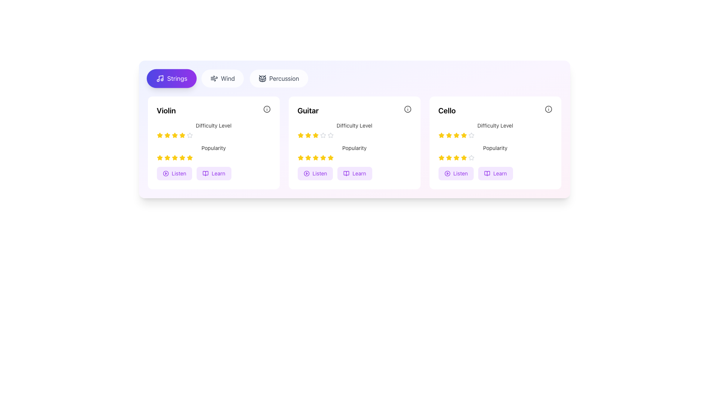  What do you see at coordinates (315, 135) in the screenshot?
I see `the fourth star icon representing the 'Difficulty Level' rating for the 'Guitar' course` at bounding box center [315, 135].